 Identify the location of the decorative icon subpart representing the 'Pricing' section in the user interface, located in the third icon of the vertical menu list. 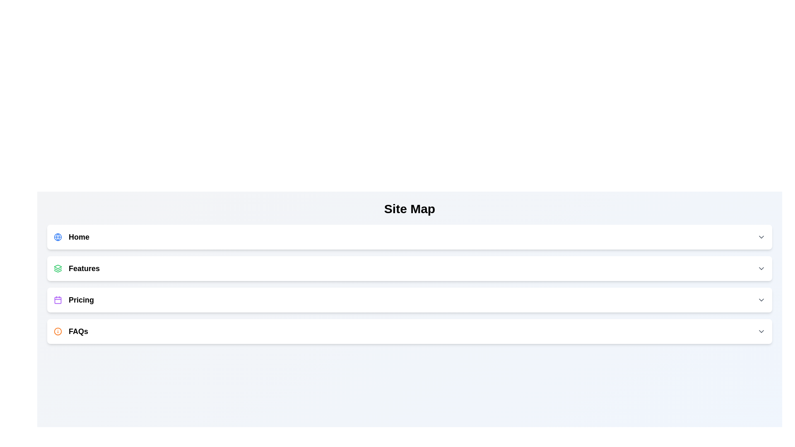
(57, 300).